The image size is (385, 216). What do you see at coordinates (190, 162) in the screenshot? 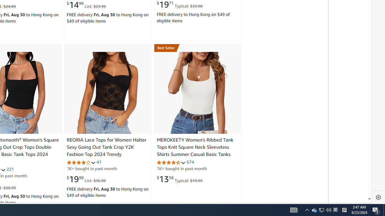
I see `'674'` at bounding box center [190, 162].